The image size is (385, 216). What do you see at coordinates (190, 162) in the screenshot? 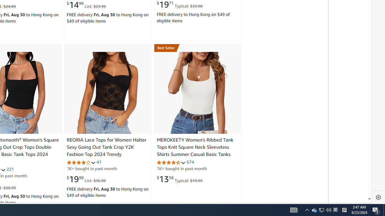
I see `'674'` at bounding box center [190, 162].